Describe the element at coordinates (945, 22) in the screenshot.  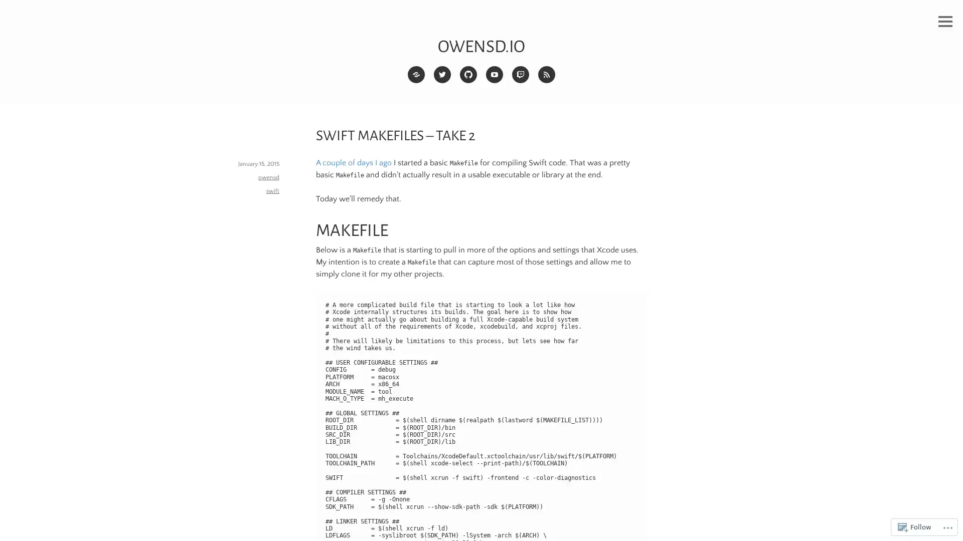
I see `Sidebar` at that location.